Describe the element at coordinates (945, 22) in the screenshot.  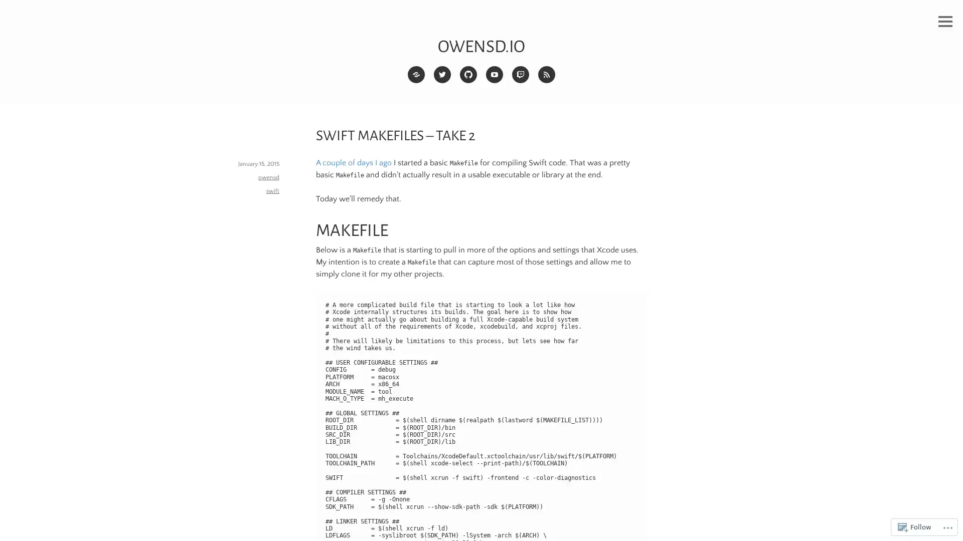
I see `Sidebar` at that location.